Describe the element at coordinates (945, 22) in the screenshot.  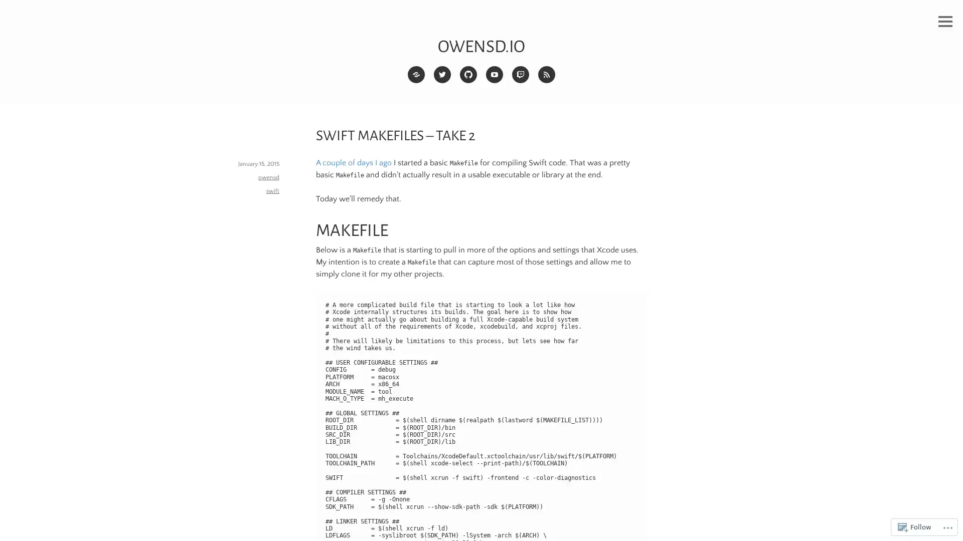
I see `Sidebar` at that location.